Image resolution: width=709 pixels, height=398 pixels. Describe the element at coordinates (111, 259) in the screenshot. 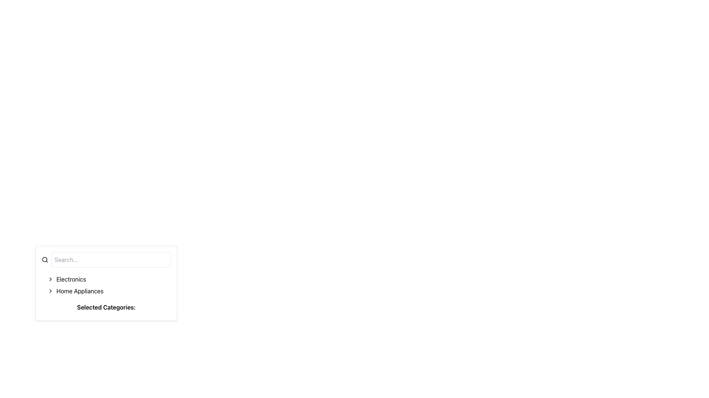

I see `the text input field styled with a border and rounded corners` at that location.